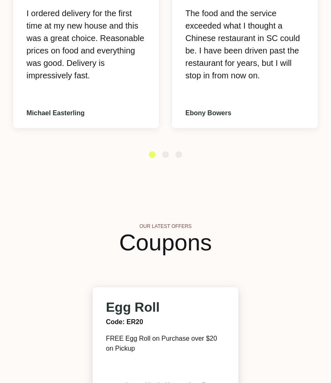 The height and width of the screenshot is (383, 331). Describe the element at coordinates (132, 307) in the screenshot. I see `'Egg Roll'` at that location.